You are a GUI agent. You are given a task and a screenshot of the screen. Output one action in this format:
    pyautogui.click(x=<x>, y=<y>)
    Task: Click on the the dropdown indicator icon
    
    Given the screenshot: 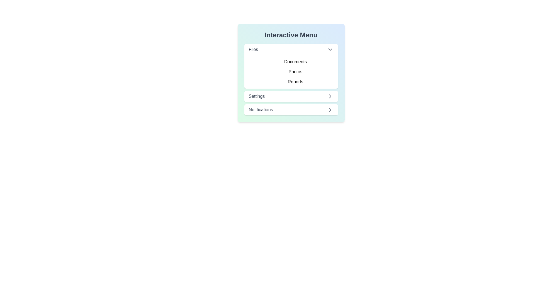 What is the action you would take?
    pyautogui.click(x=330, y=49)
    